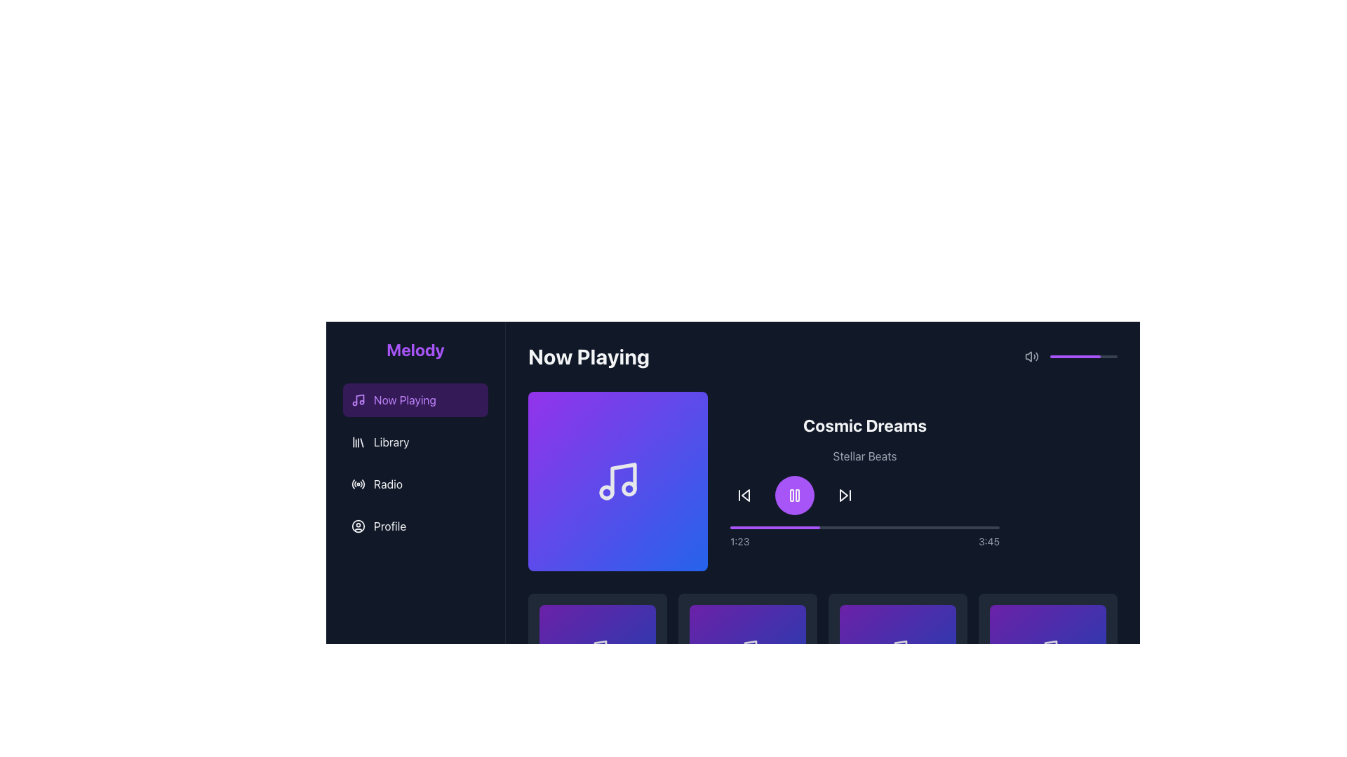 This screenshot has height=757, width=1347. I want to click on the small button icon with a leftward-pointing arrow to skip back in the media controls, so click(743, 494).